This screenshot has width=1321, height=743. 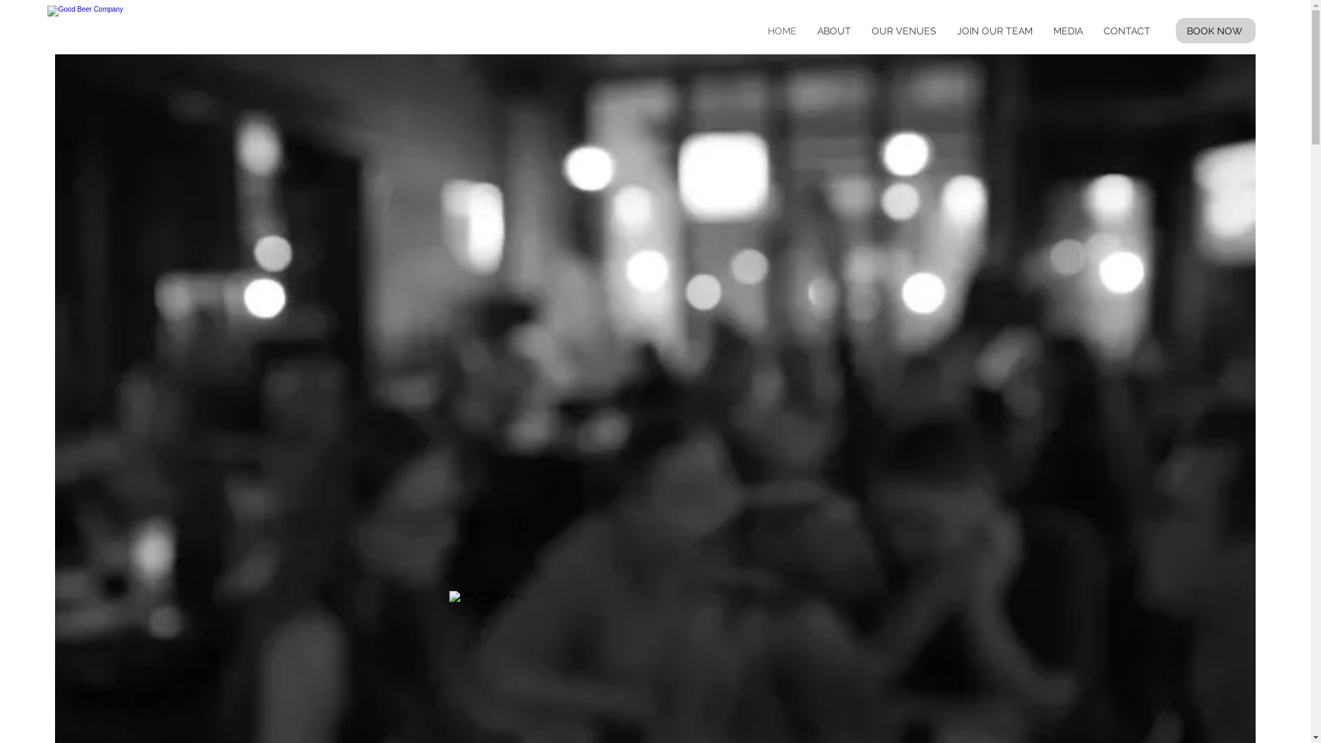 I want to click on 'BOOK NOW', so click(x=1215, y=30).